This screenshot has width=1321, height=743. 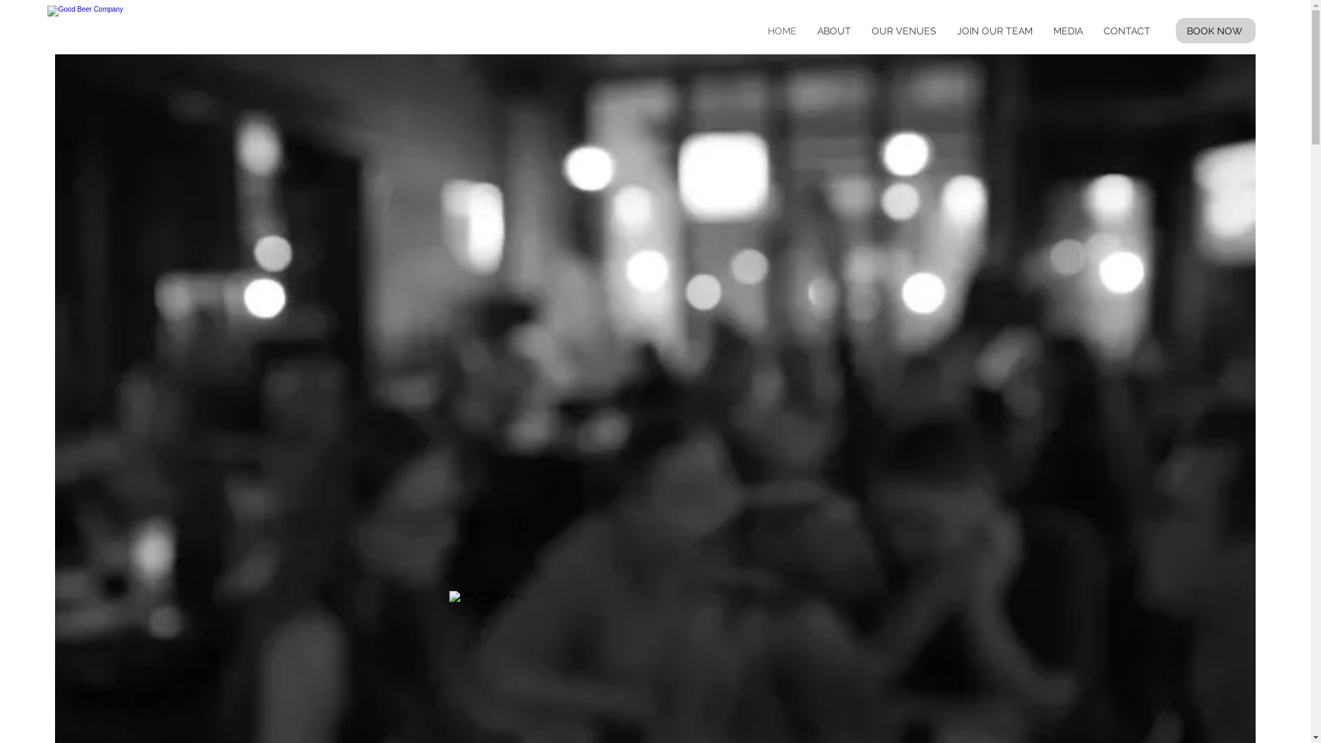 I want to click on 'BOOK NOW', so click(x=1215, y=30).